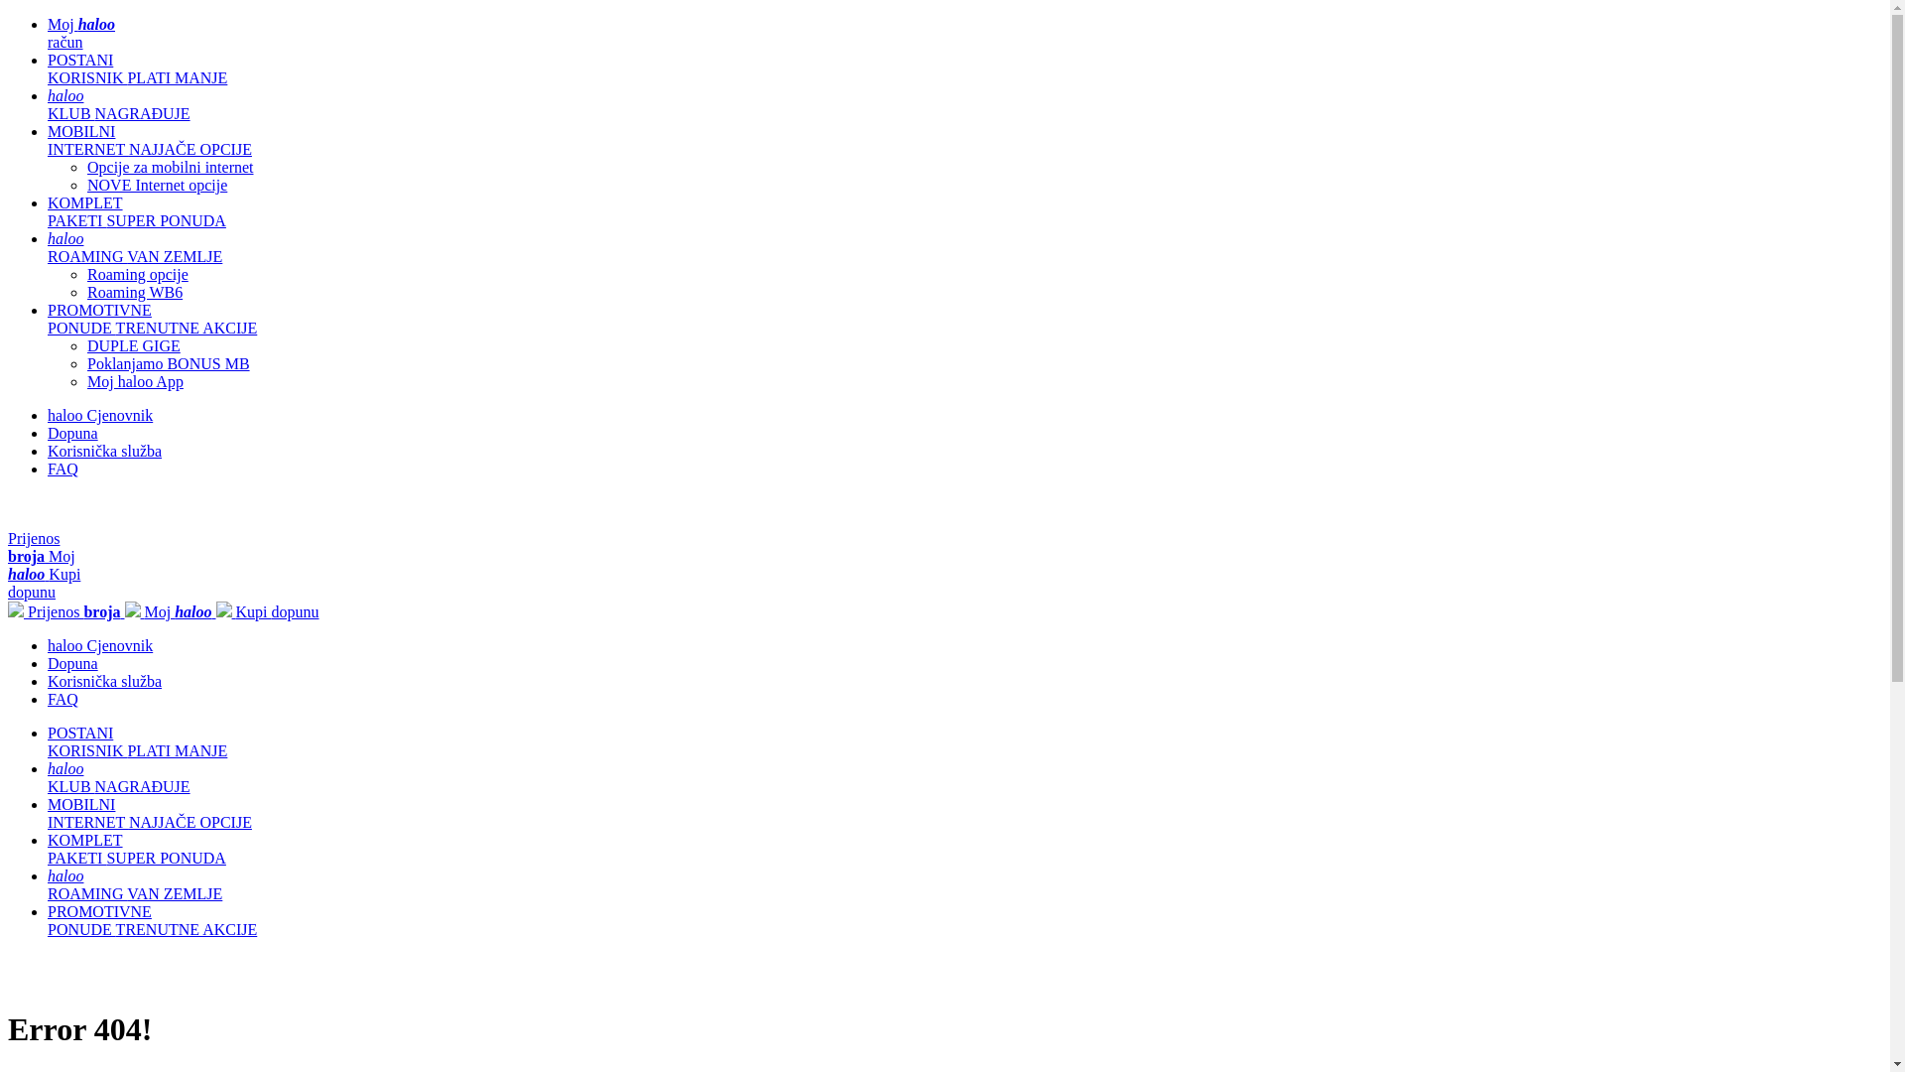  I want to click on 'haloo Cjenovnik', so click(98, 645).